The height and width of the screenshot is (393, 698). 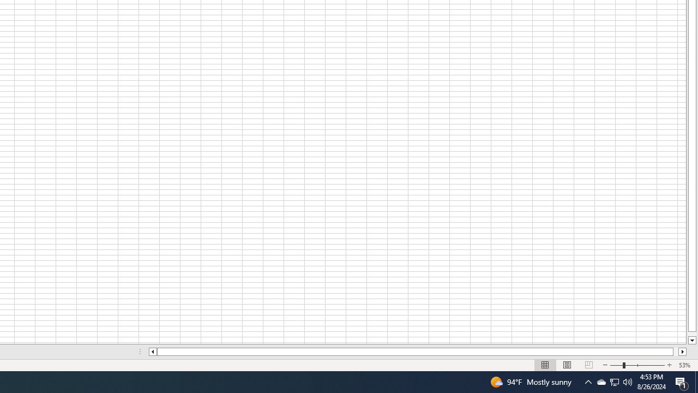 What do you see at coordinates (682, 352) in the screenshot?
I see `'Column right'` at bounding box center [682, 352].